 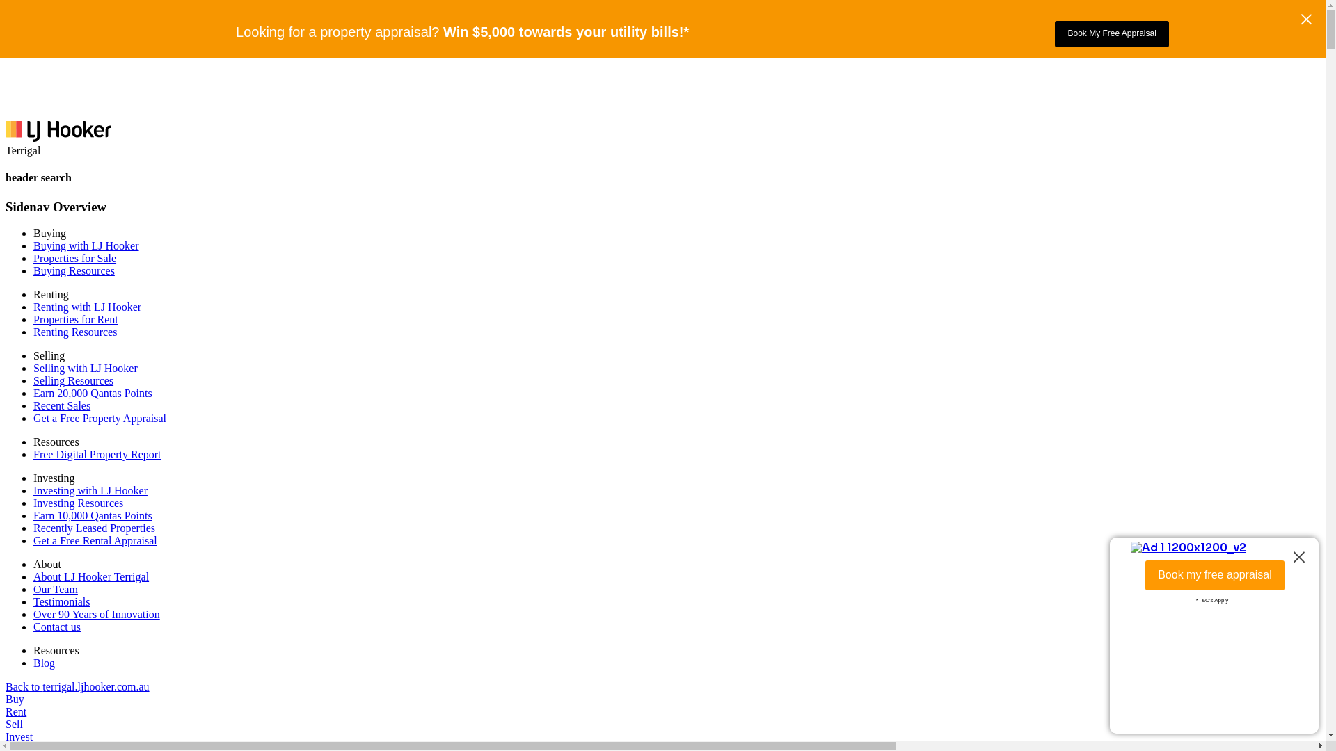 I want to click on 'Testimonials', so click(x=61, y=601).